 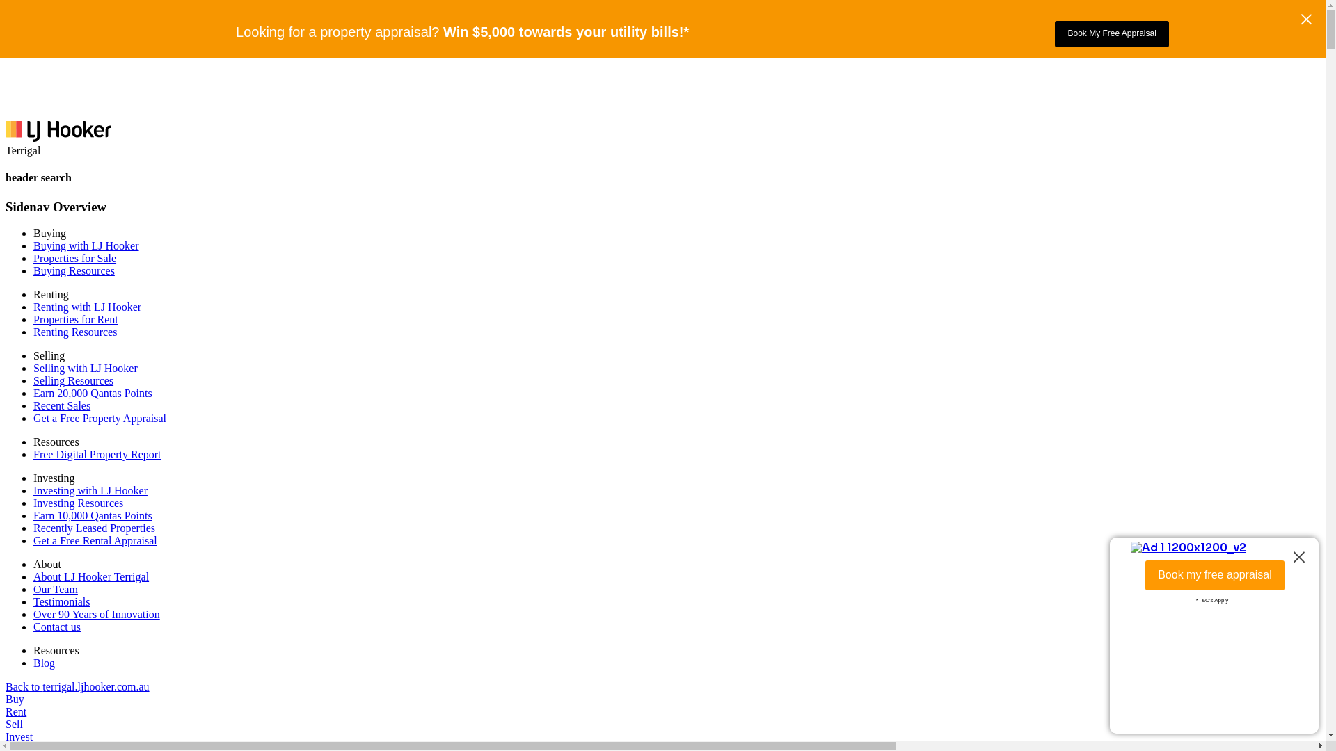 I want to click on 'Testimonials', so click(x=61, y=601).